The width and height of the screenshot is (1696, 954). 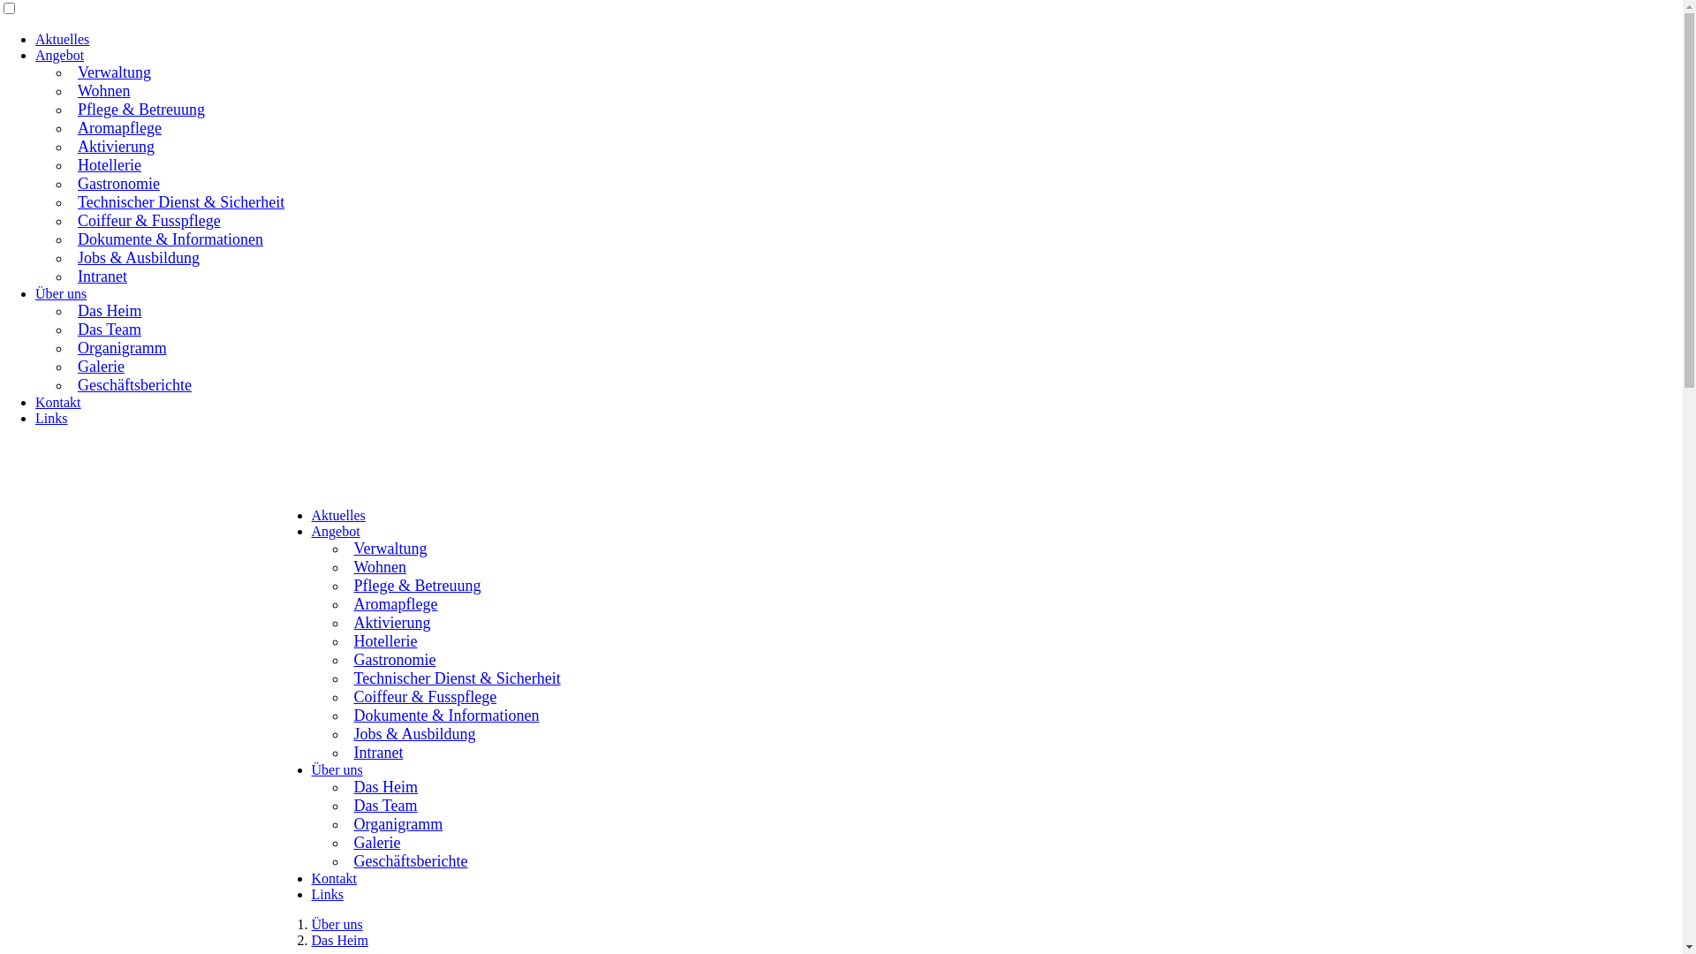 What do you see at coordinates (382, 804) in the screenshot?
I see `'Das Team'` at bounding box center [382, 804].